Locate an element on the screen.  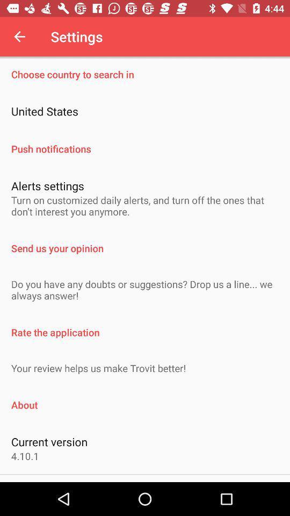
the item next to the settings is located at coordinates (19, 37).